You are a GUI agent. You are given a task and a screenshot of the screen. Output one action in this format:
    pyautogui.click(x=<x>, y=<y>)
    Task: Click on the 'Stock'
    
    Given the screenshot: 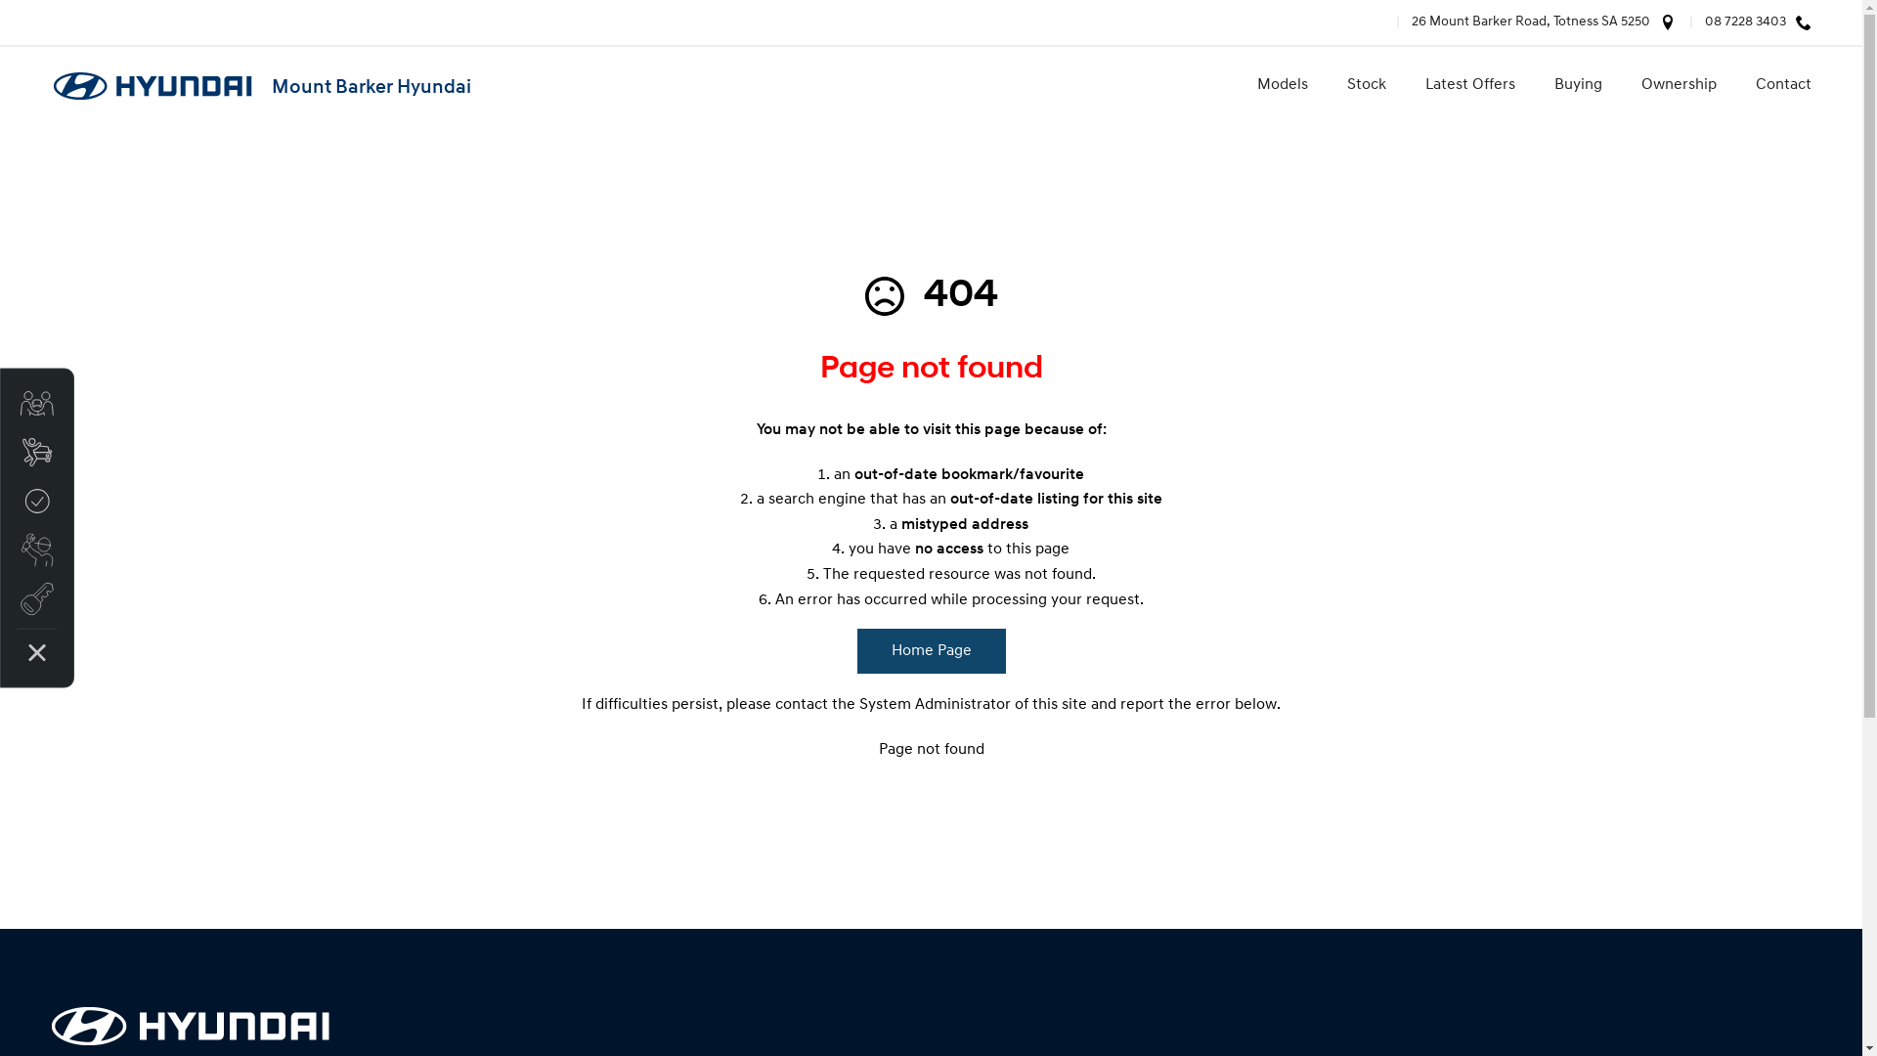 What is the action you would take?
    pyautogui.click(x=1365, y=85)
    